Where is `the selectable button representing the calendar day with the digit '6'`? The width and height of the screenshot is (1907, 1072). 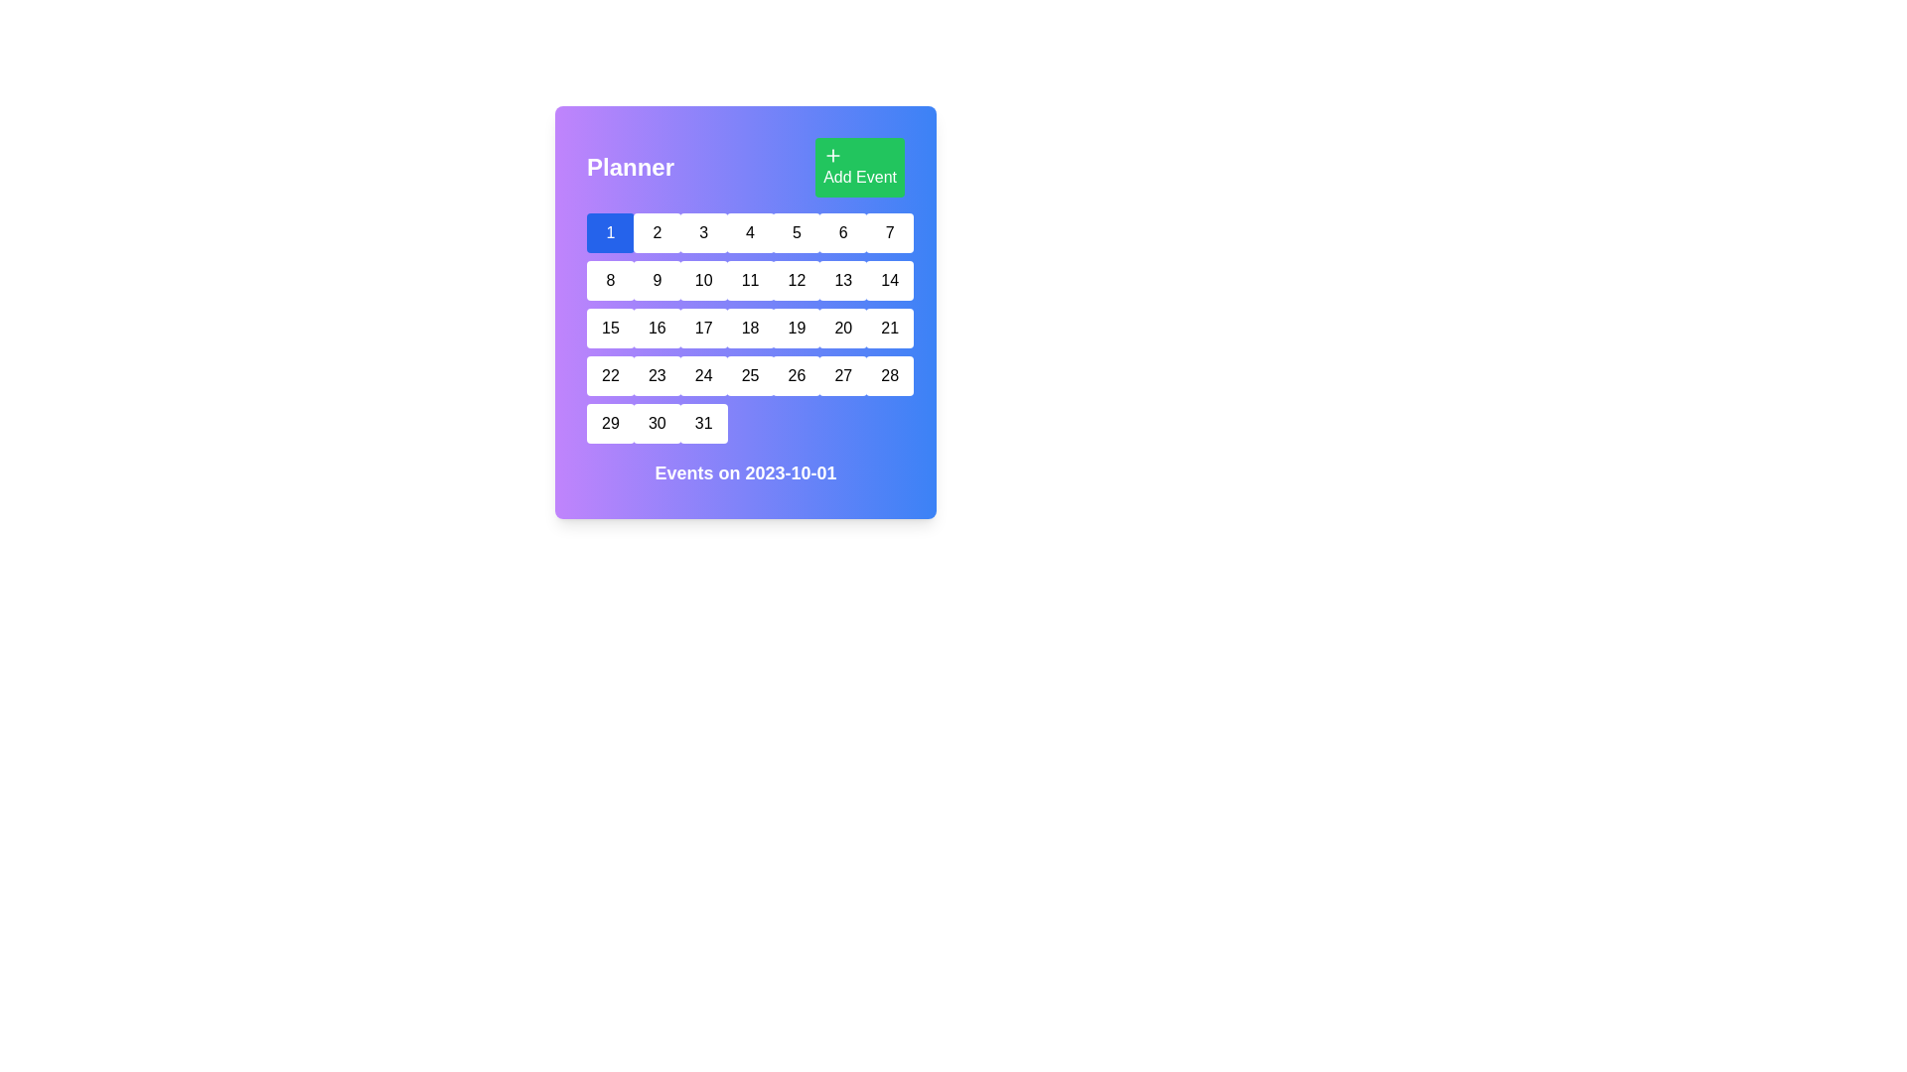 the selectable button representing the calendar day with the digit '6' is located at coordinates (843, 232).